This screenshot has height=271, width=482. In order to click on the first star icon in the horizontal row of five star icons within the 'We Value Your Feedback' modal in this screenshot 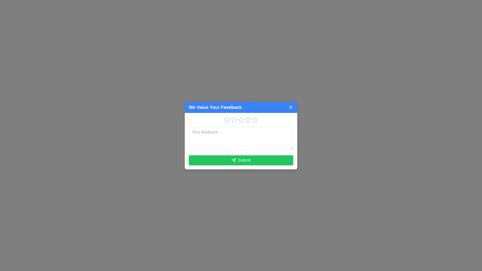, I will do `click(226, 120)`.